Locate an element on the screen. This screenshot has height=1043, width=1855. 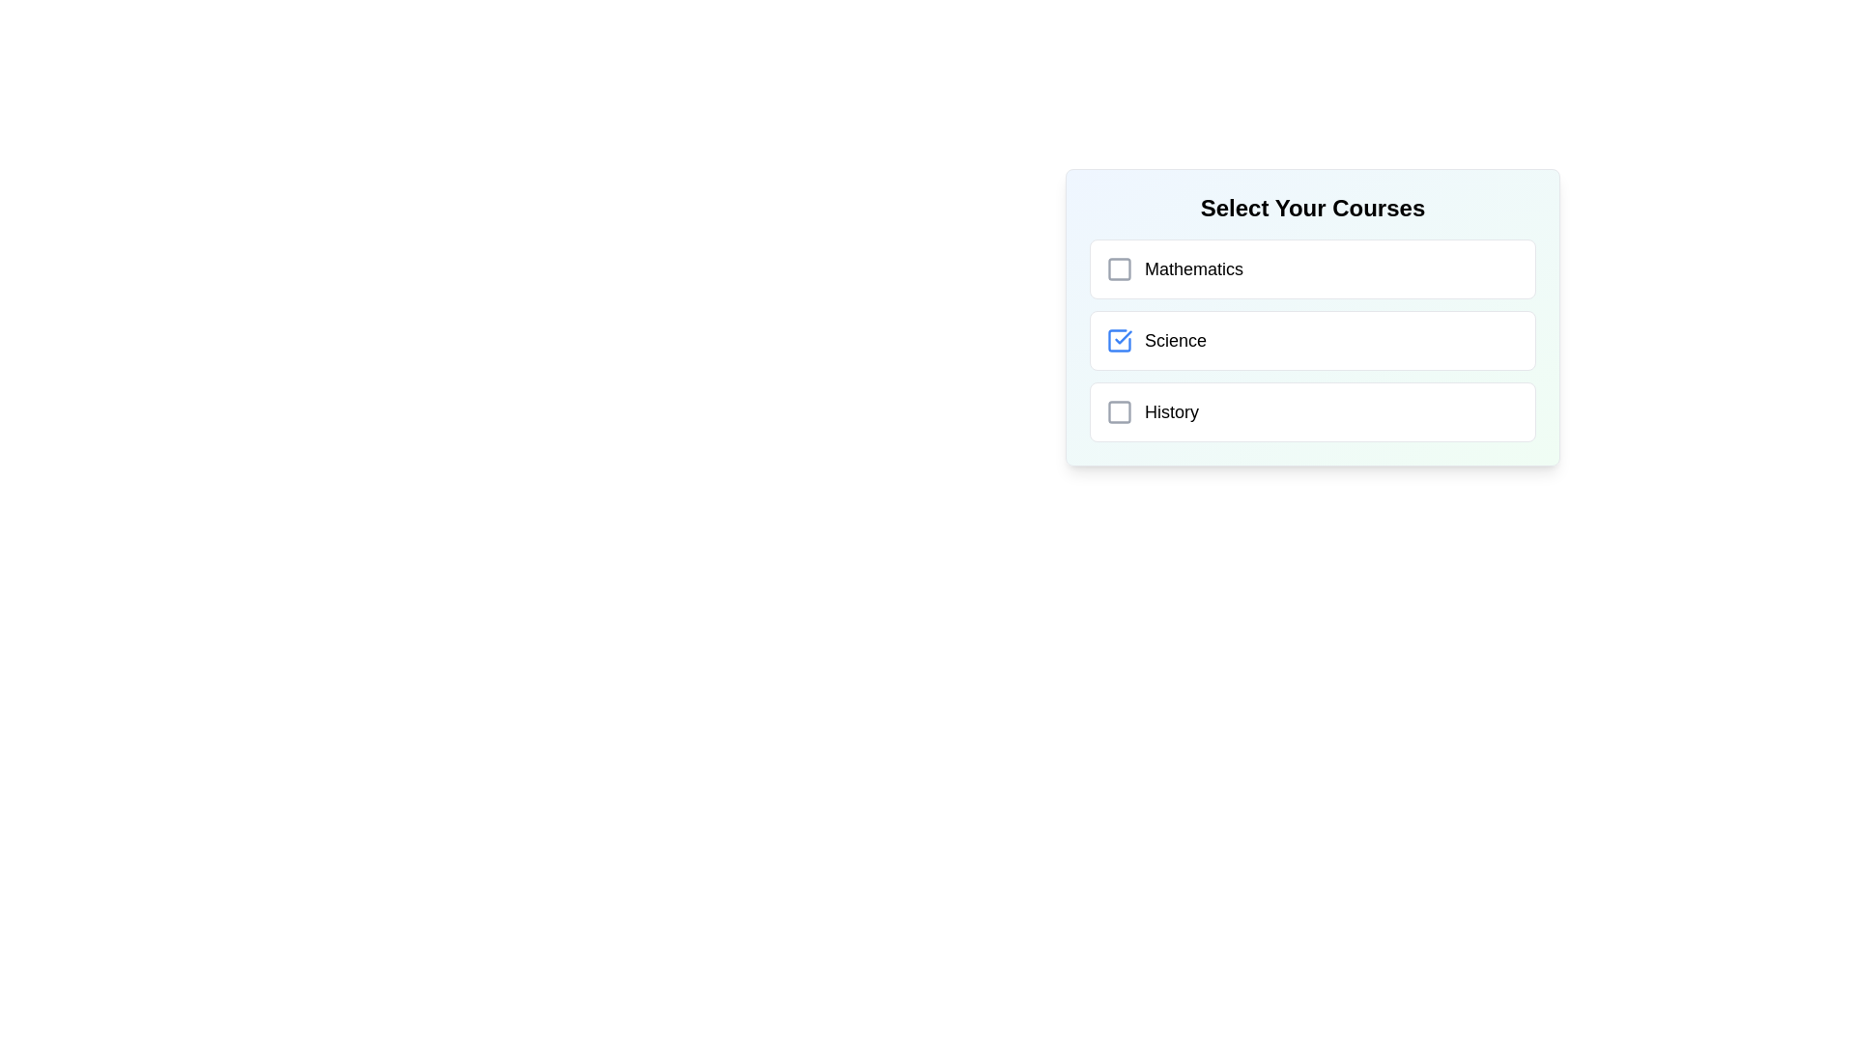
the checkbox for the 'History' option is located at coordinates (1119, 411).